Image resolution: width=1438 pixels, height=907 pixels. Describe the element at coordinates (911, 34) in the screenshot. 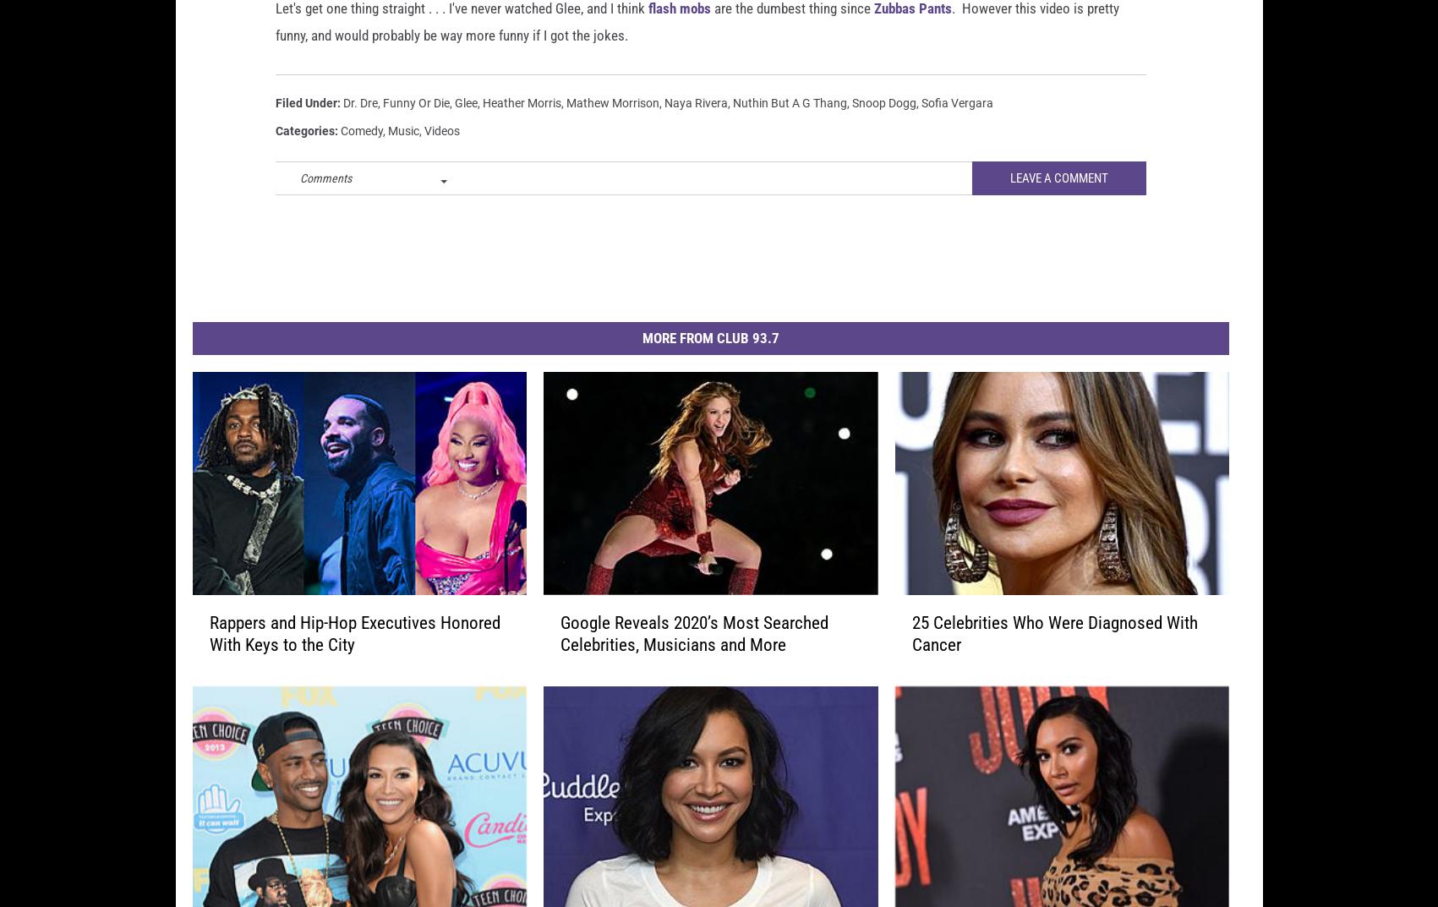

I see `'Zubbas Pants'` at that location.